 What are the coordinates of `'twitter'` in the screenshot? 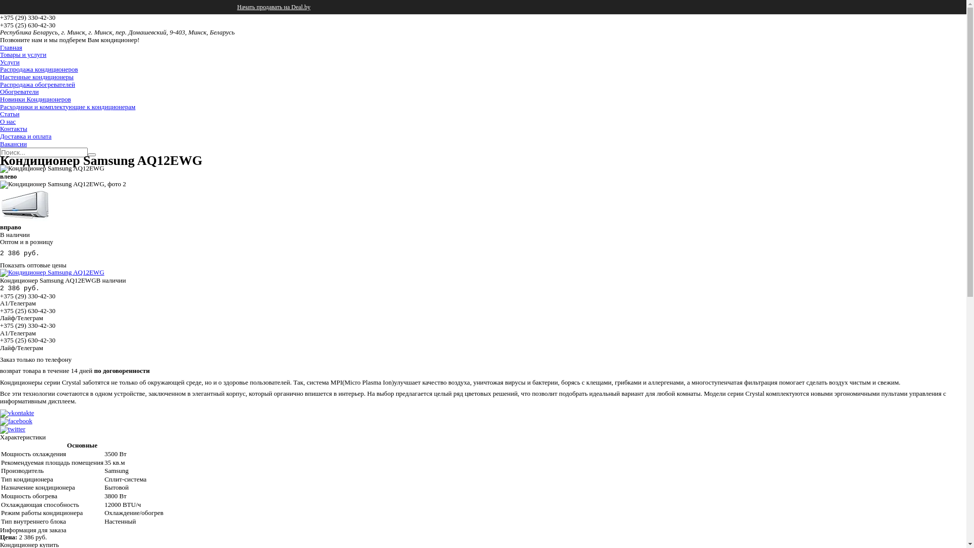 It's located at (12, 429).